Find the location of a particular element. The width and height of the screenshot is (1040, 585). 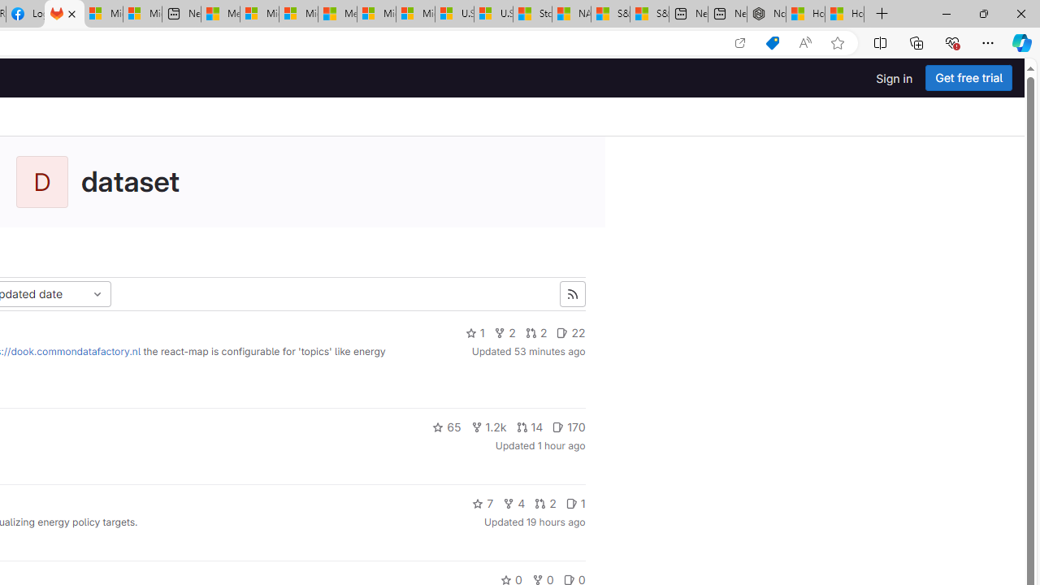

'Close' is located at coordinates (1020, 13).